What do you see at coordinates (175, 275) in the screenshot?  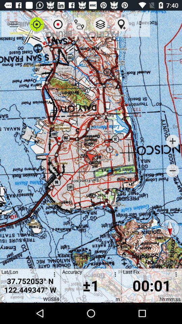 I see `customize the timer` at bounding box center [175, 275].